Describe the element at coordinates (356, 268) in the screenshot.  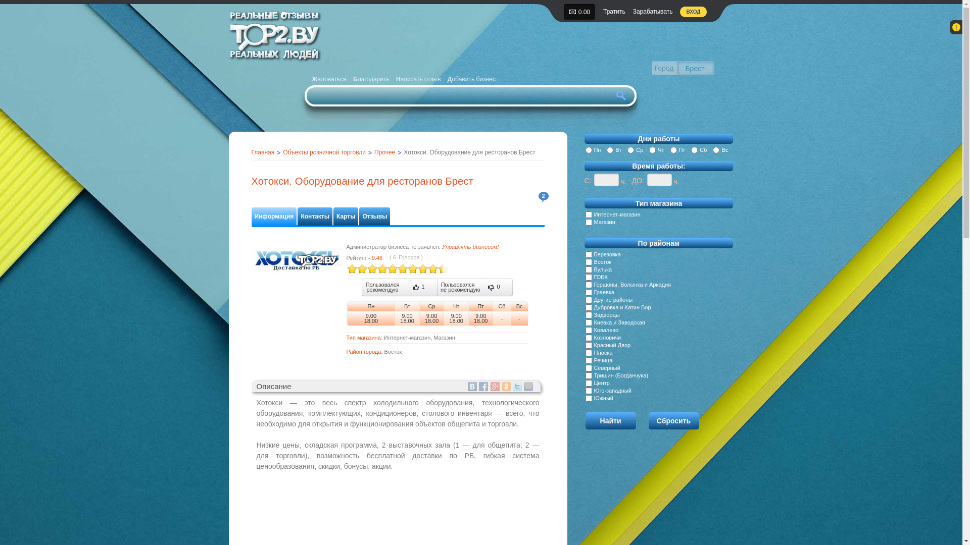
I see `'2'` at that location.